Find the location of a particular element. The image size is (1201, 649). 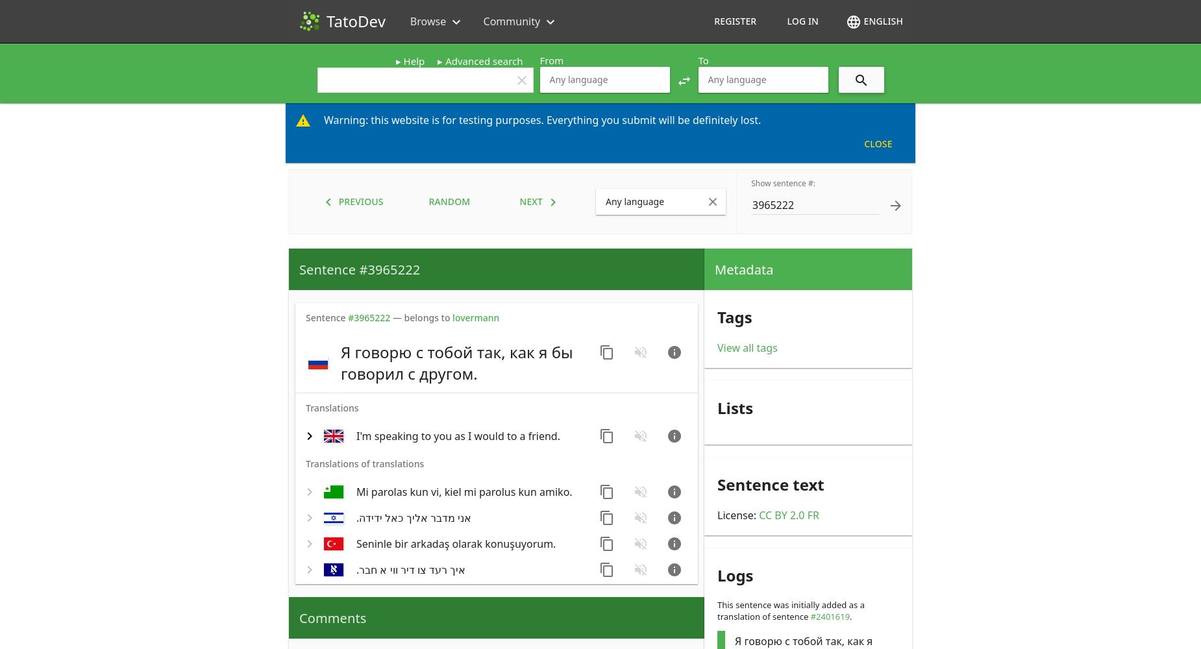

'search' is located at coordinates (860, 80).